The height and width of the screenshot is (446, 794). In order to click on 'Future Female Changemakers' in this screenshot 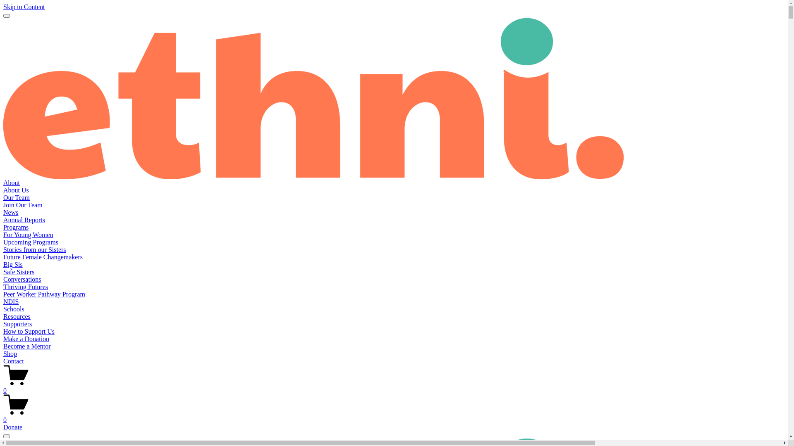, I will do `click(43, 256)`.